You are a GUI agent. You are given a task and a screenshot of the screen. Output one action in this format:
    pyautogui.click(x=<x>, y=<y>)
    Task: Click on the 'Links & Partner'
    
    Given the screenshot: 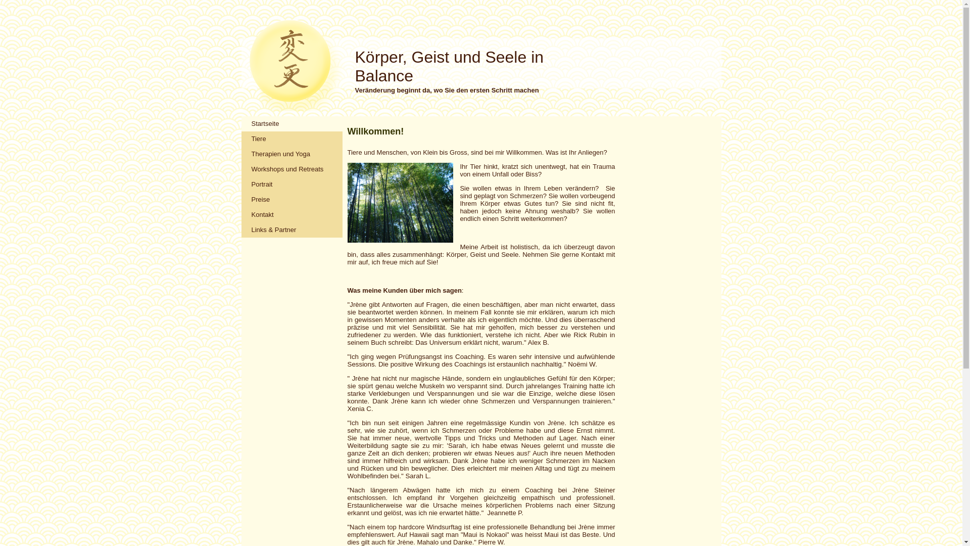 What is the action you would take?
    pyautogui.click(x=241, y=230)
    